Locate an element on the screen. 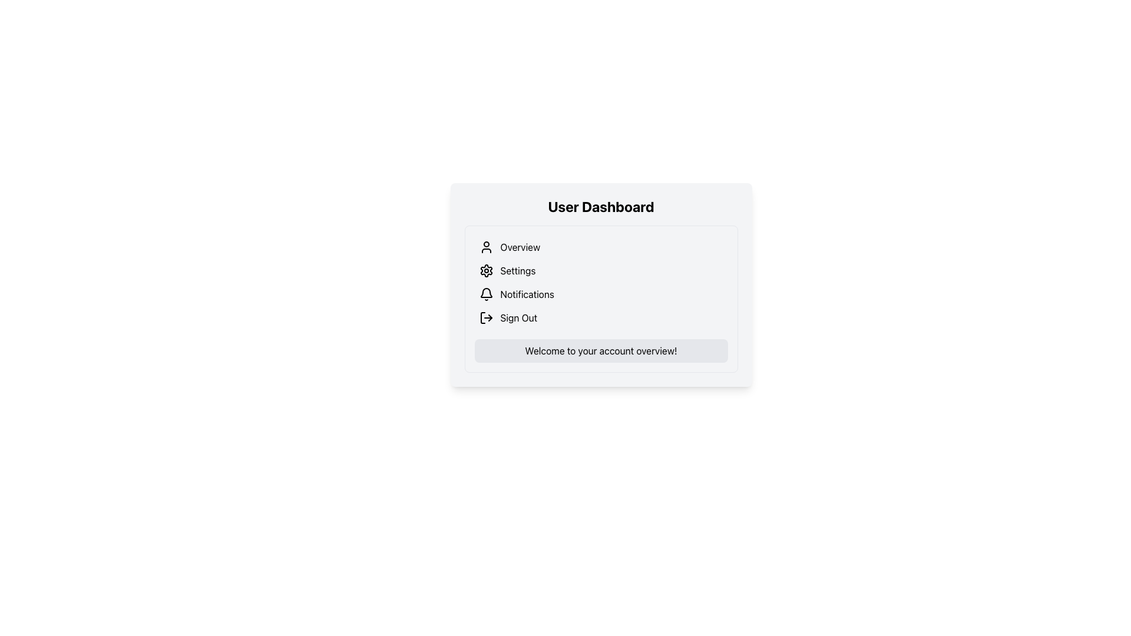 The width and height of the screenshot is (1131, 636). the Overview Icon located at the left edge of the Overview row in the User Dashboard, preceding the text 'Overview' is located at coordinates (486, 247).